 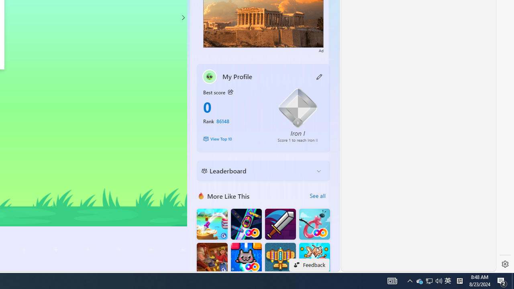 What do you see at coordinates (280, 224) in the screenshot?
I see `'Dungeon Master Knight'` at bounding box center [280, 224].